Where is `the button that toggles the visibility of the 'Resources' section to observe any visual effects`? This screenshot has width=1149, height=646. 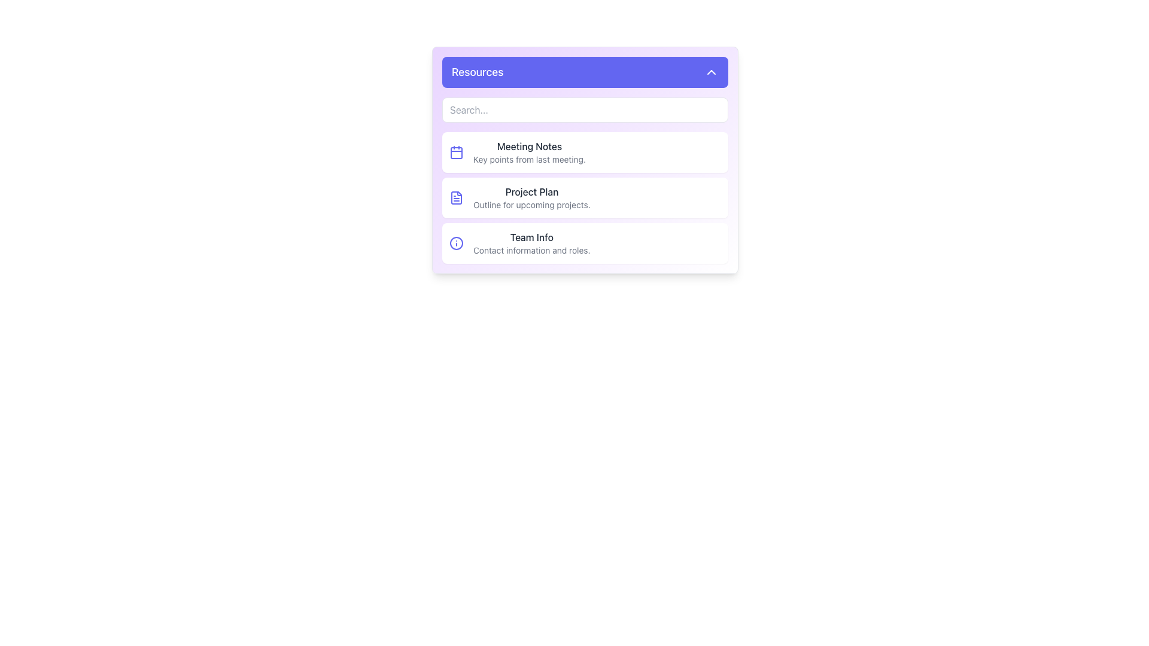 the button that toggles the visibility of the 'Resources' section to observe any visual effects is located at coordinates (585, 72).